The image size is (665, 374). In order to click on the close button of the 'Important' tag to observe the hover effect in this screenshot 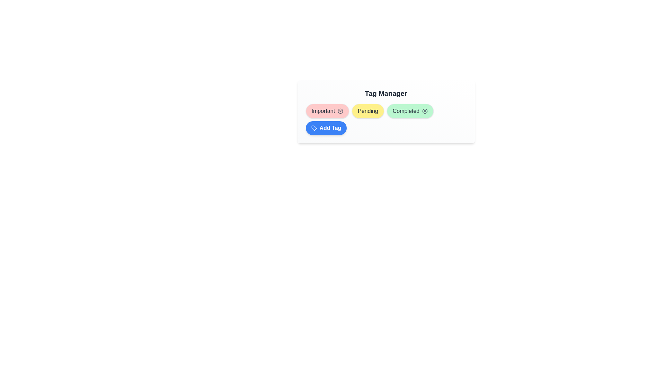, I will do `click(340, 110)`.